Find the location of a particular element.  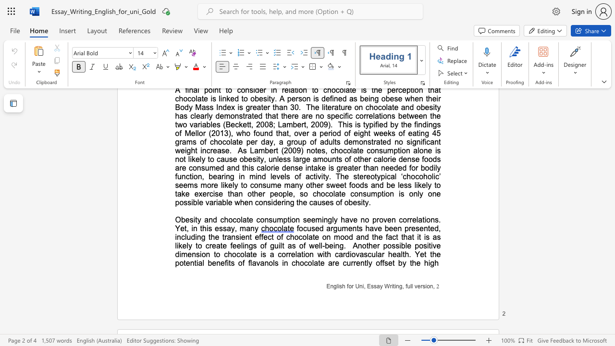

the subset text "lish for Uni, Essay Writing, full vers" within the text "English for Uni, Essay Writing, full version," is located at coordinates (336, 286).